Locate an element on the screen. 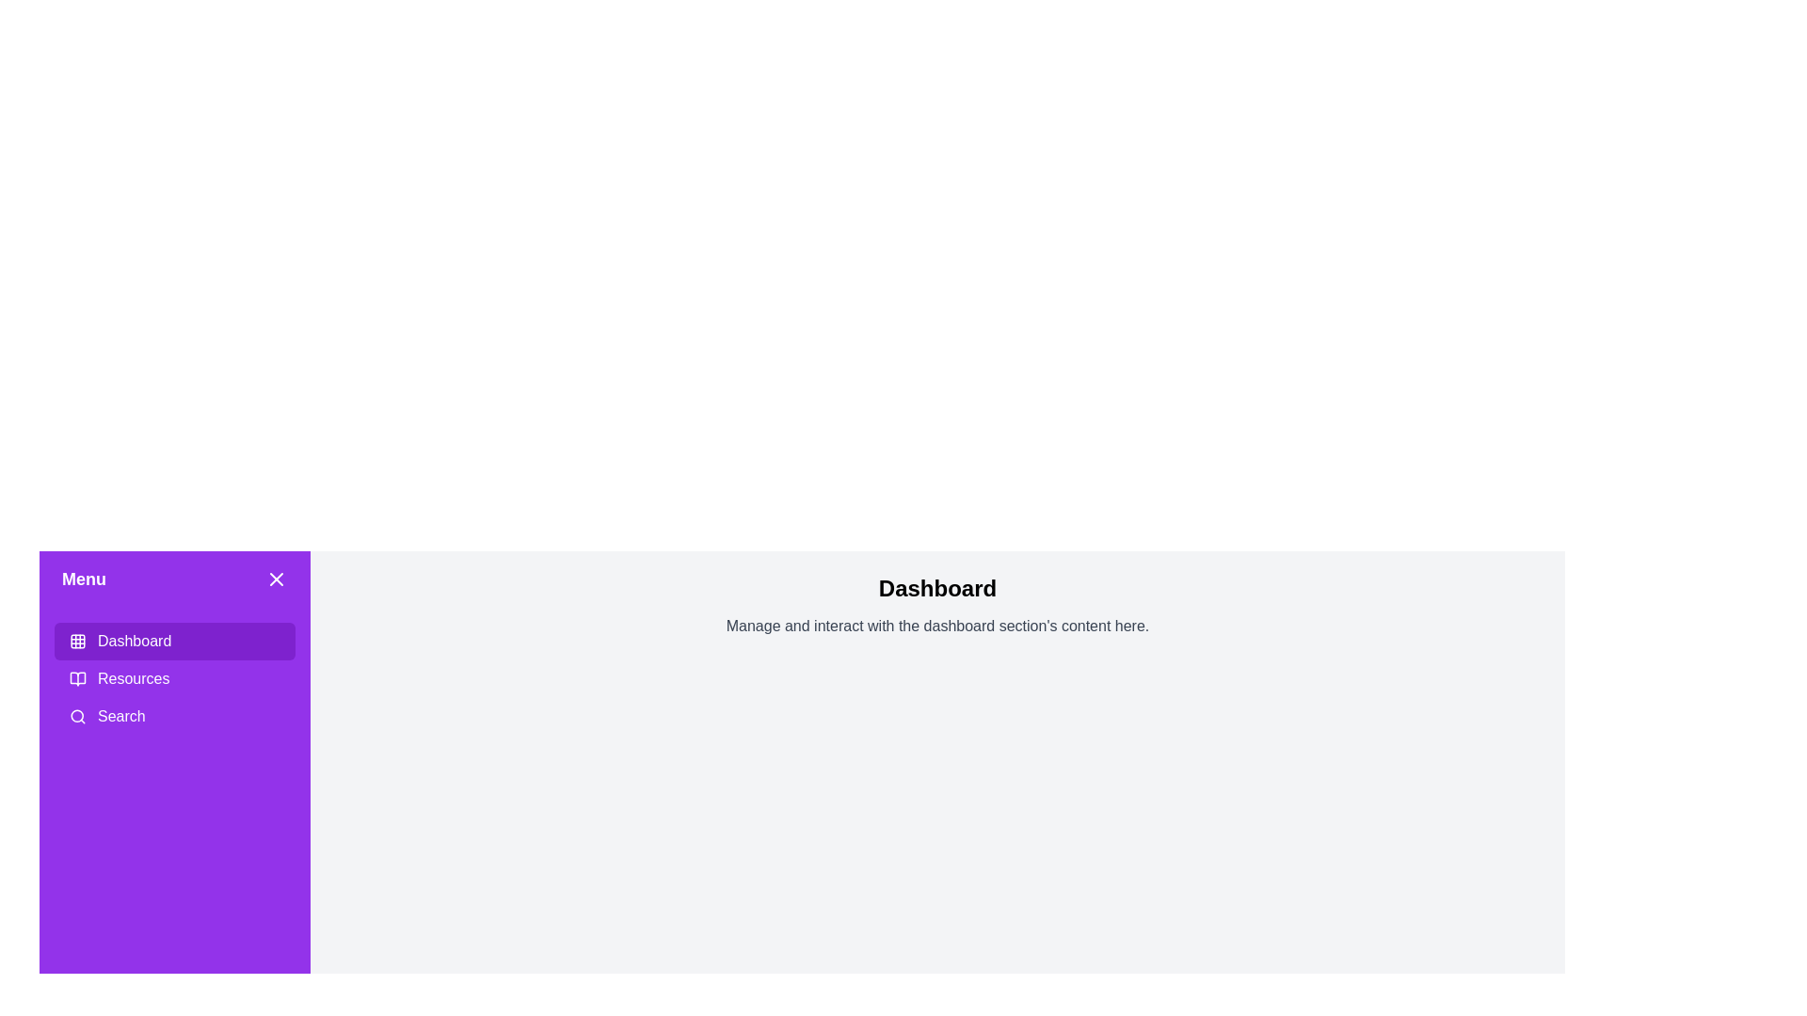  the magnifying glass icon located to the left of the 'Search' text is located at coordinates (76, 717).